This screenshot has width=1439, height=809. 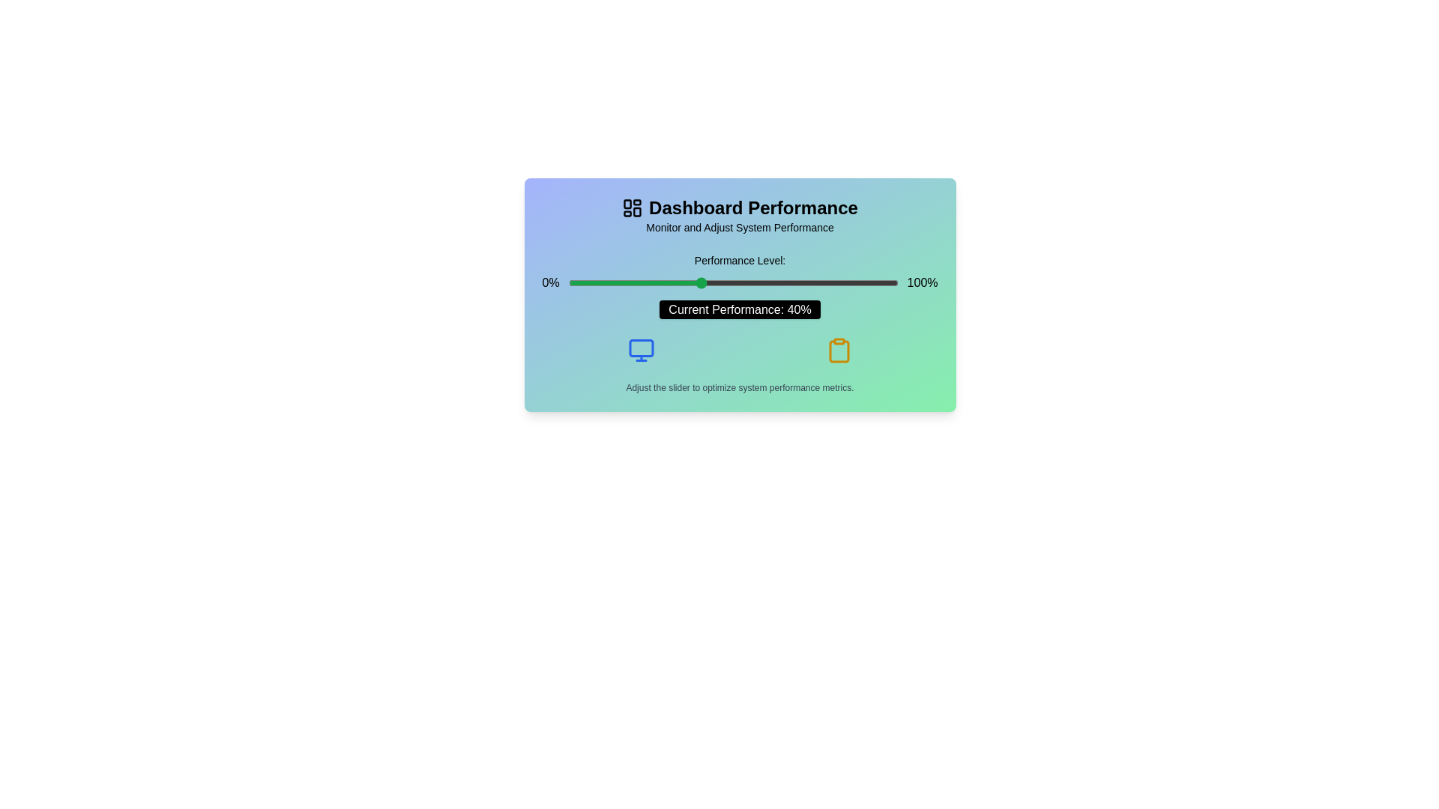 What do you see at coordinates (615, 283) in the screenshot?
I see `the slider to set the performance level to 14%` at bounding box center [615, 283].